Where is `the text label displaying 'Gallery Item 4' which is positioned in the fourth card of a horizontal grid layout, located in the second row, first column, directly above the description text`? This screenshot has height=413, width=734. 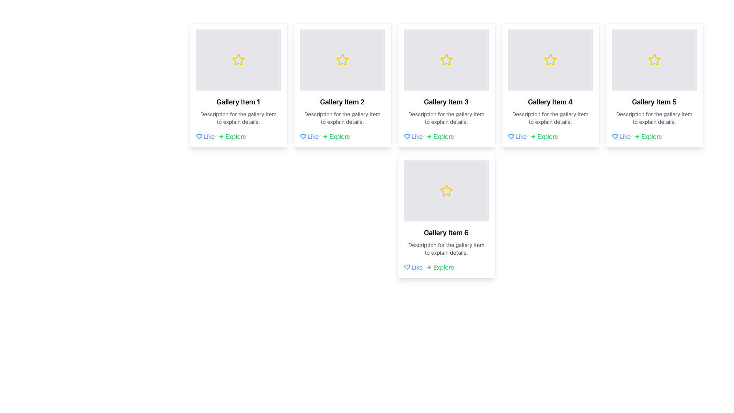 the text label displaying 'Gallery Item 4' which is positioned in the fourth card of a horizontal grid layout, located in the second row, first column, directly above the description text is located at coordinates (550, 101).